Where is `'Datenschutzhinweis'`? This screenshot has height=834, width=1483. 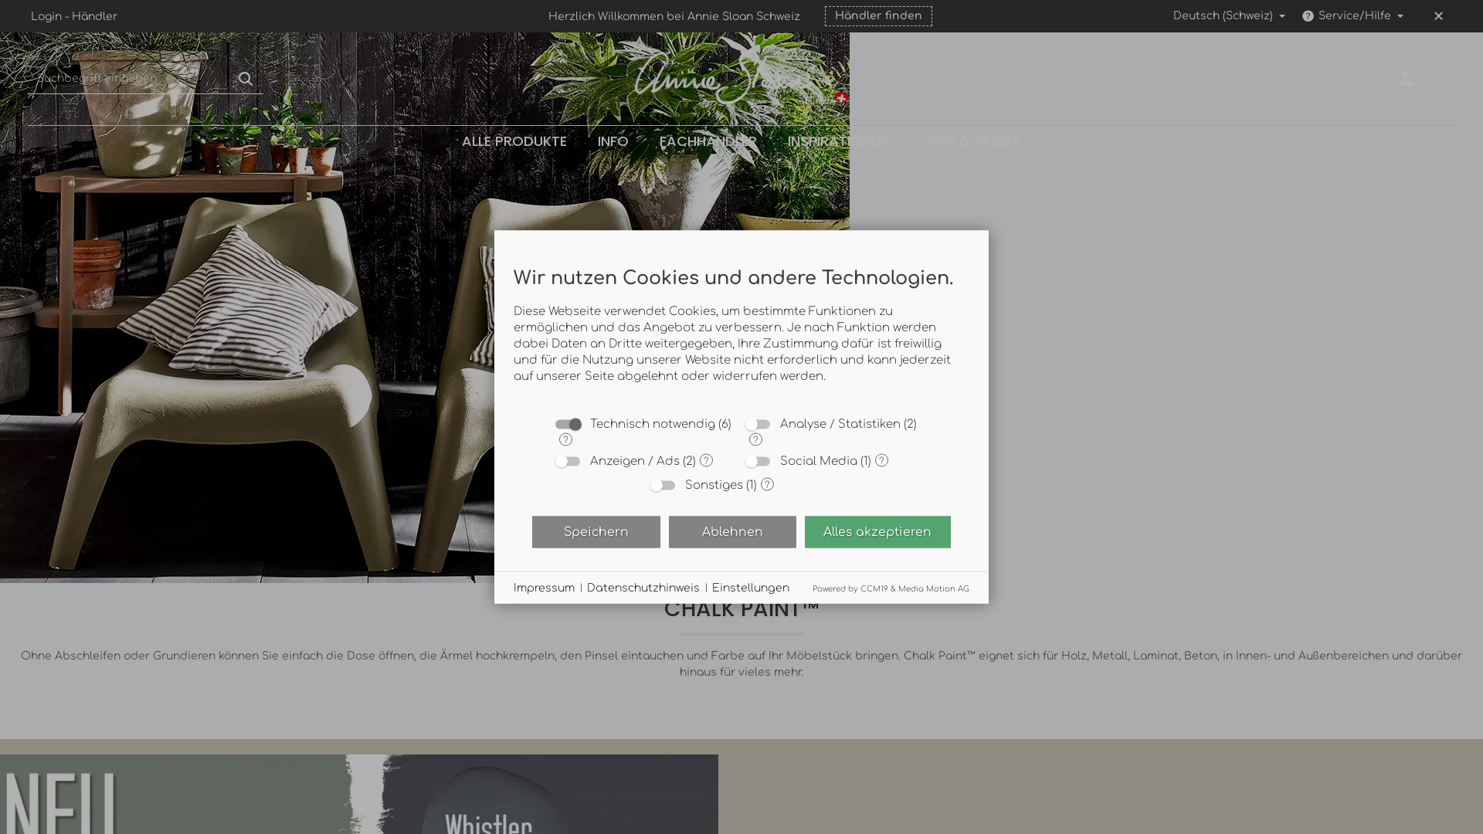
'Datenschutzhinweis' is located at coordinates (585, 587).